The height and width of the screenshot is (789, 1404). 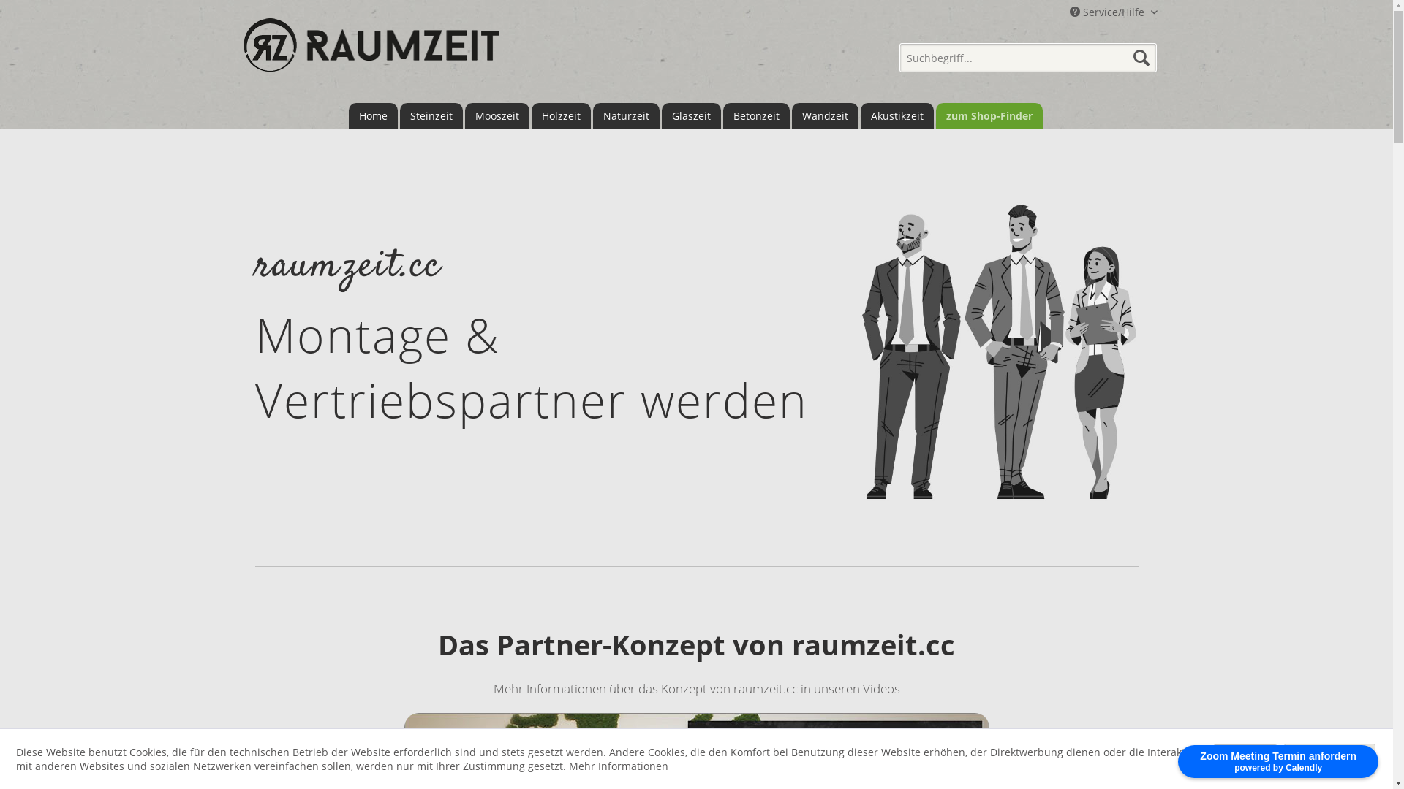 I want to click on 'Akustikzeit', so click(x=895, y=115).